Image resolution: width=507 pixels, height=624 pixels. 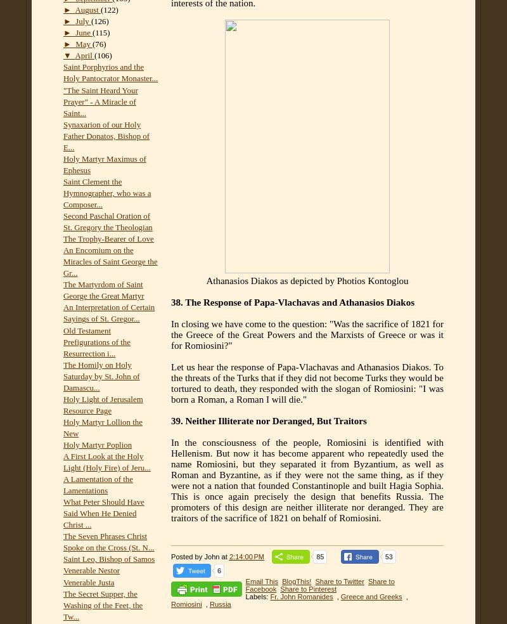 I want to click on '39. Neither Illiterate nor Deranged, But Traitors', so click(x=269, y=421).